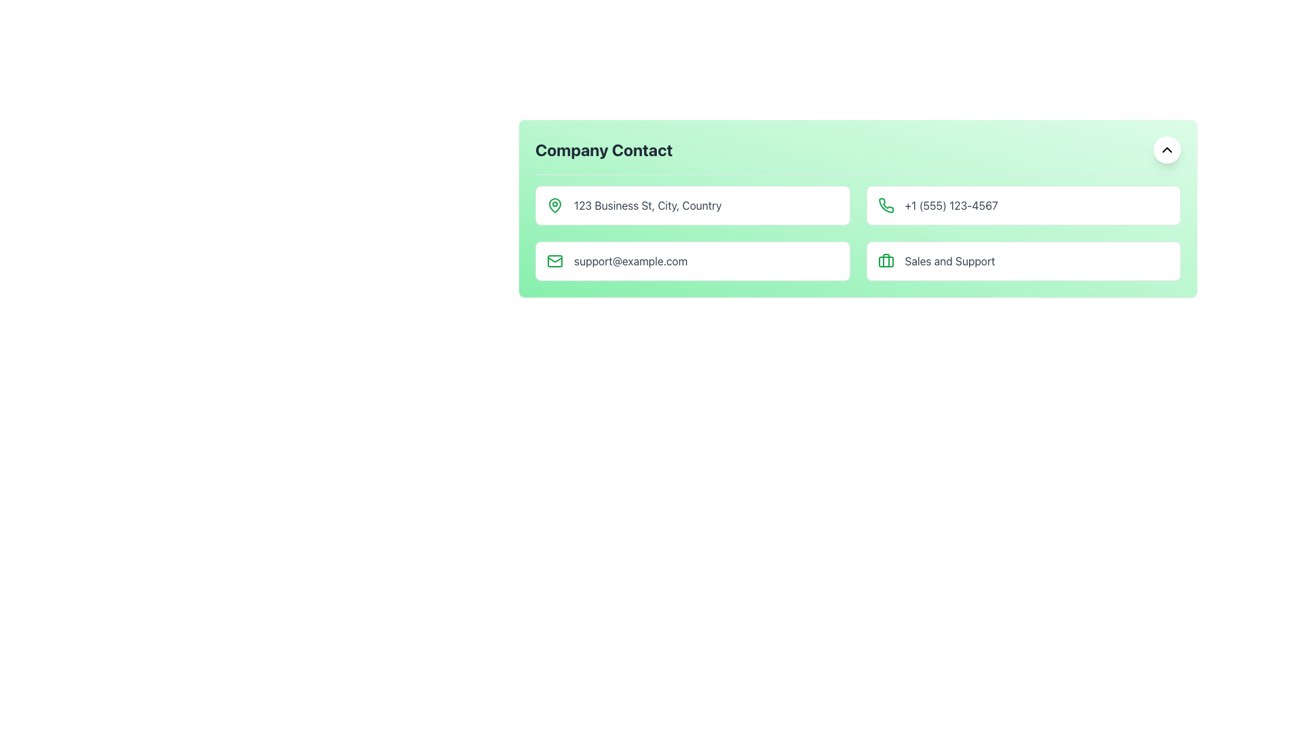  I want to click on the green phone icon located to the left of the phone number '+1 (555) 123-4567' in the contact information section, so click(886, 206).